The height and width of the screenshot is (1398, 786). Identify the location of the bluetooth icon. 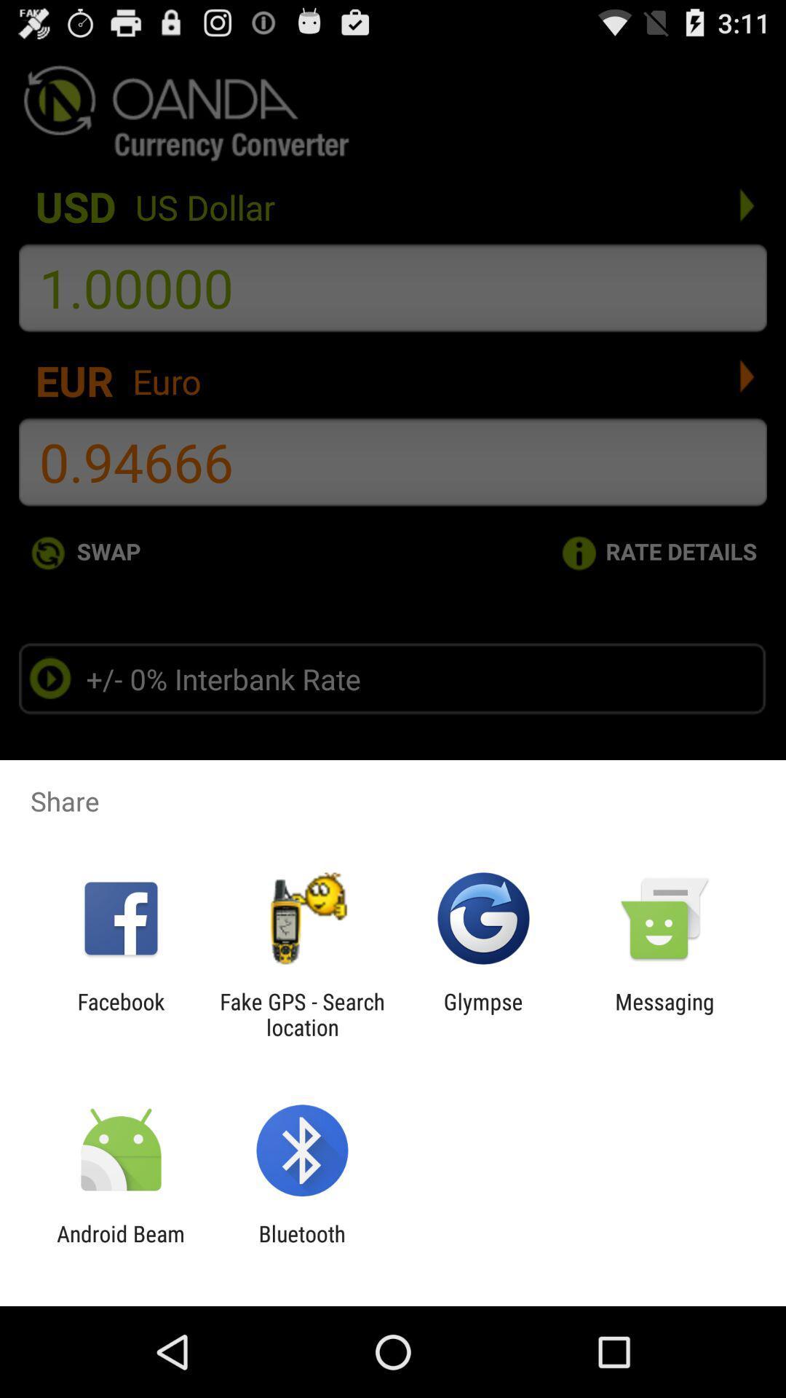
(301, 1246).